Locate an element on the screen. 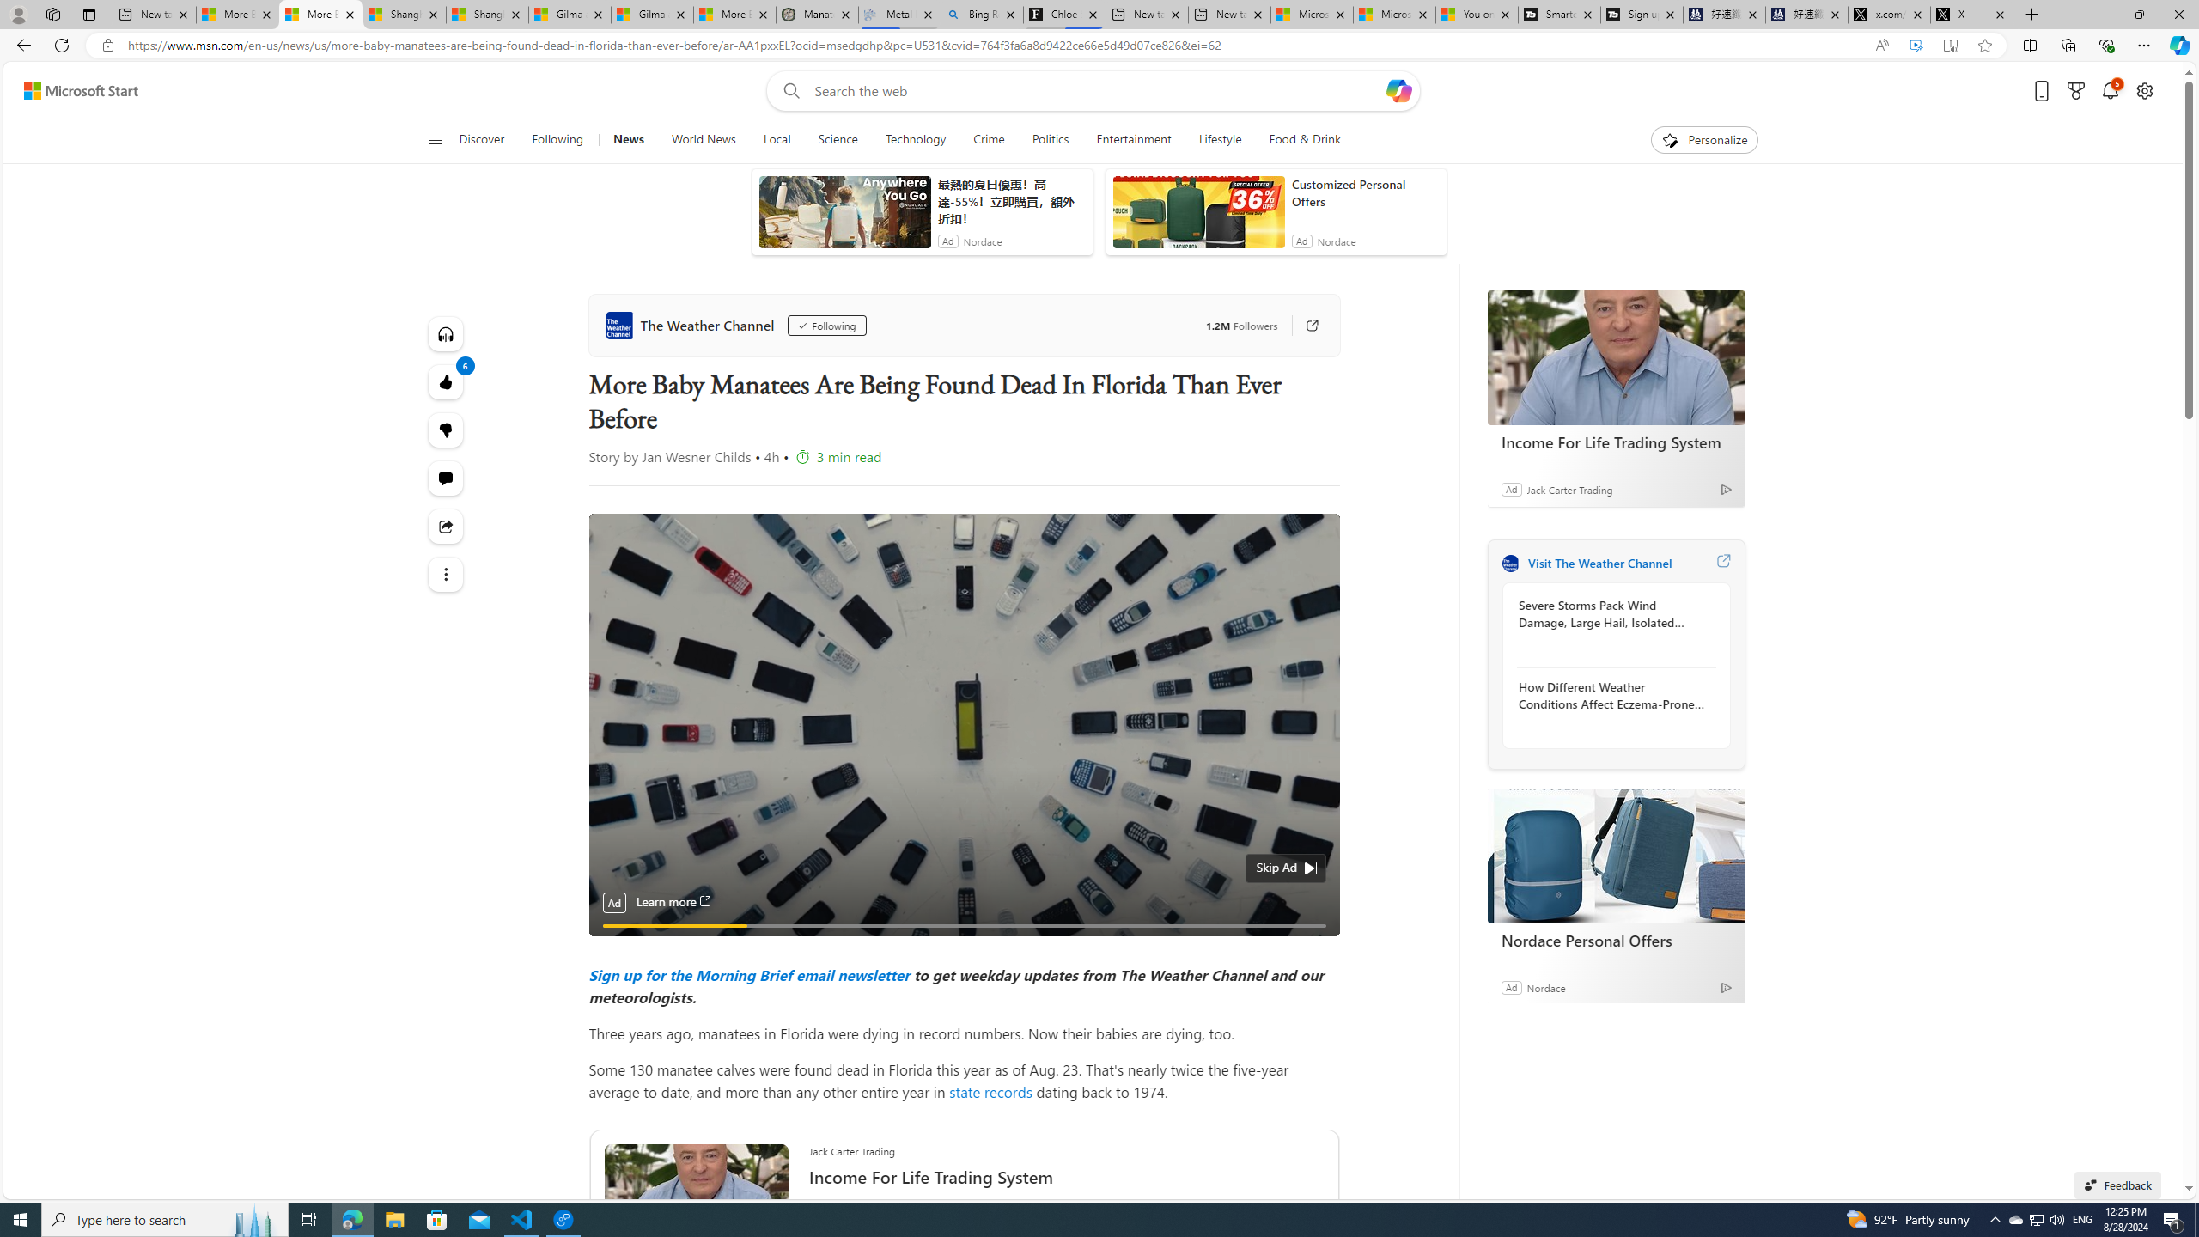  'Feedback' is located at coordinates (2117, 1184).